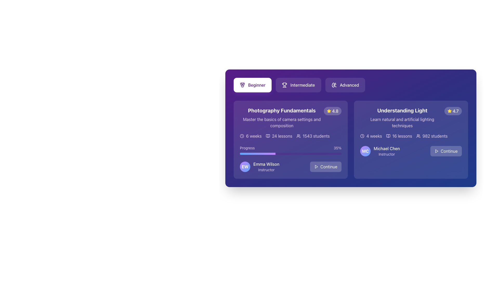 Image resolution: width=499 pixels, height=281 pixels. Describe the element at coordinates (257, 85) in the screenshot. I see `the 'Beginner' text label, which is located to the right of a medal icon in the leftmost button-like structure of a group of three options` at that location.